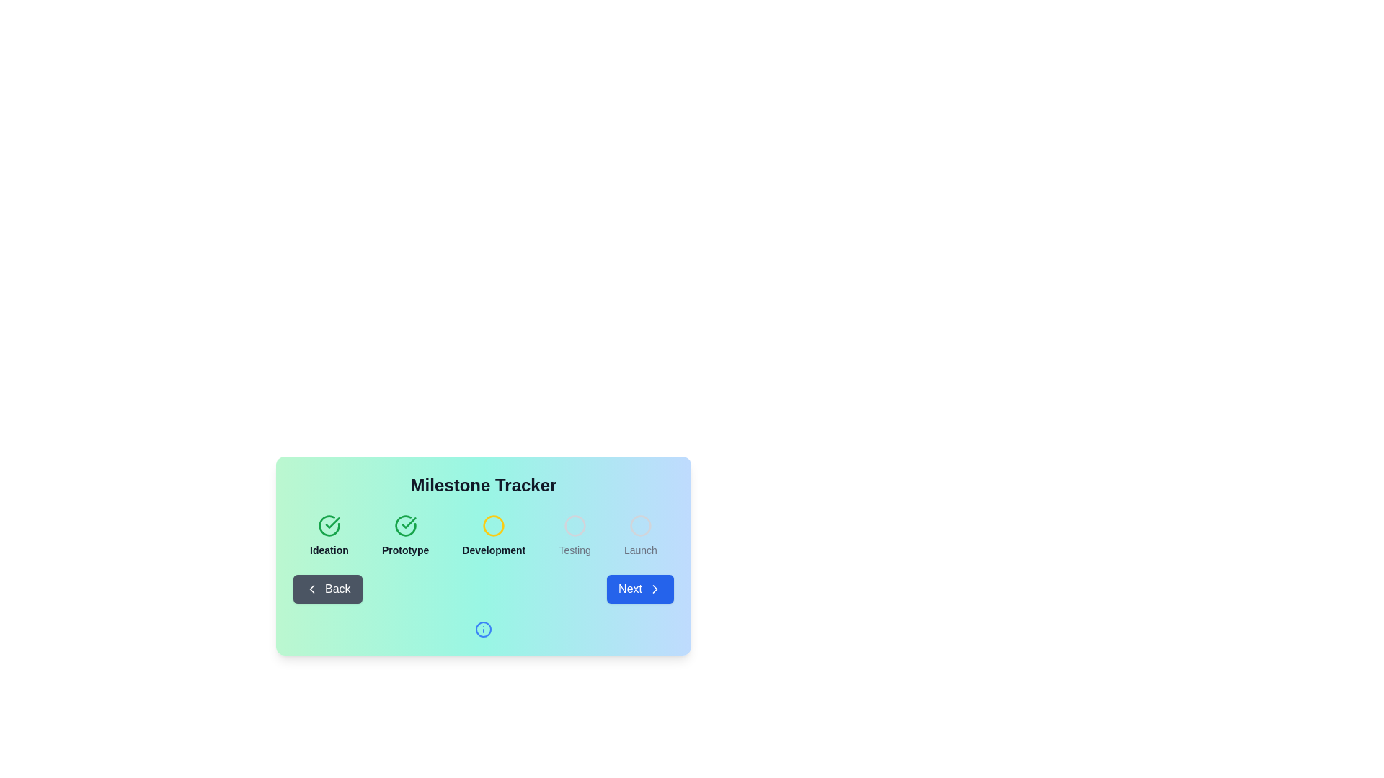 This screenshot has height=778, width=1384. Describe the element at coordinates (654, 589) in the screenshot. I see `the chevron arrow icon located in the bottom-right corner of the interface to proceed` at that location.